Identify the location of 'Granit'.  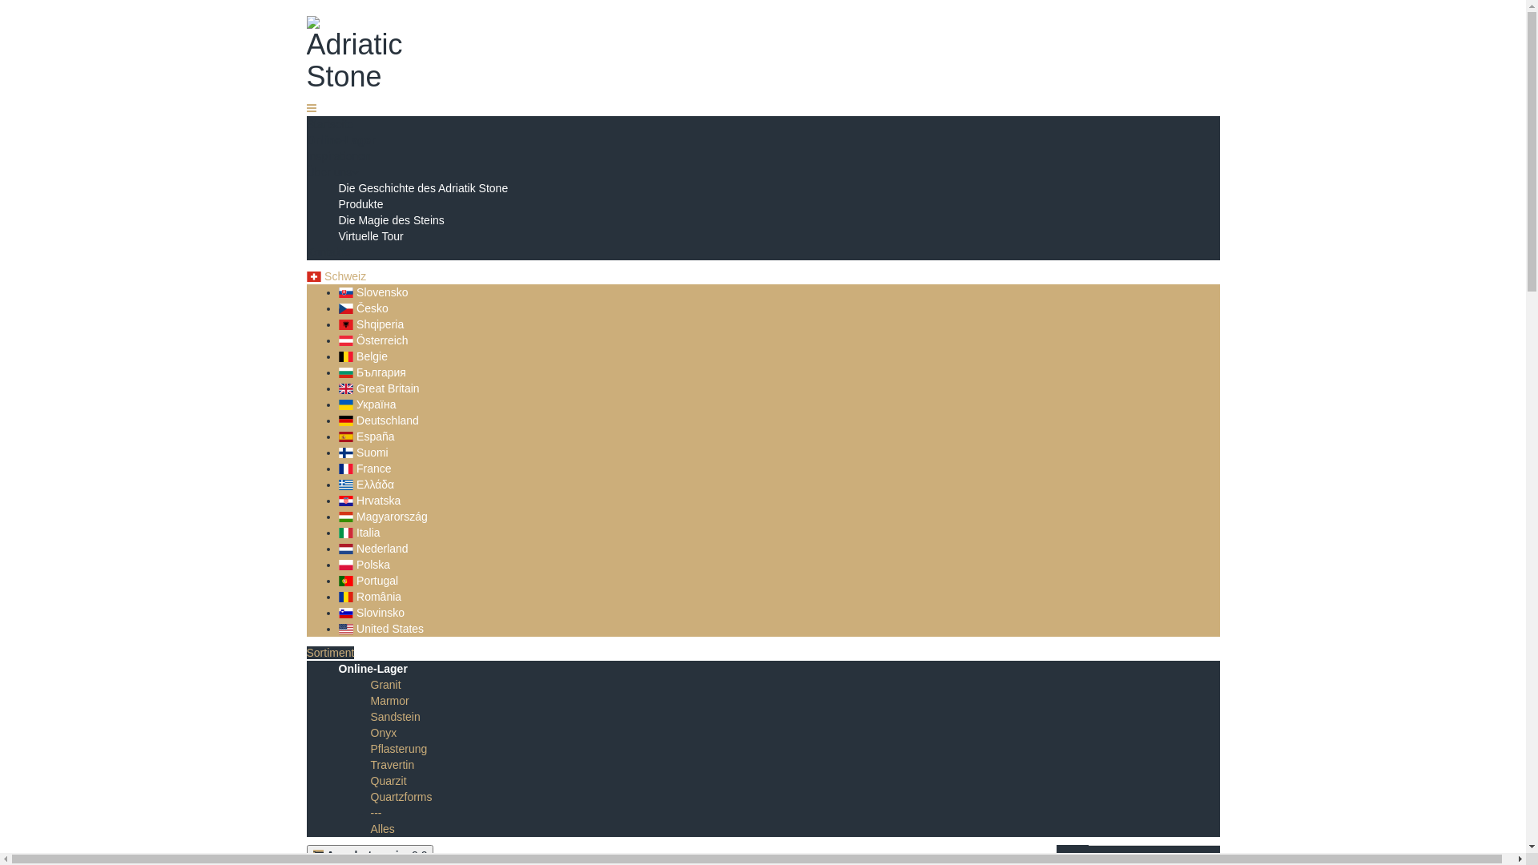
(368, 685).